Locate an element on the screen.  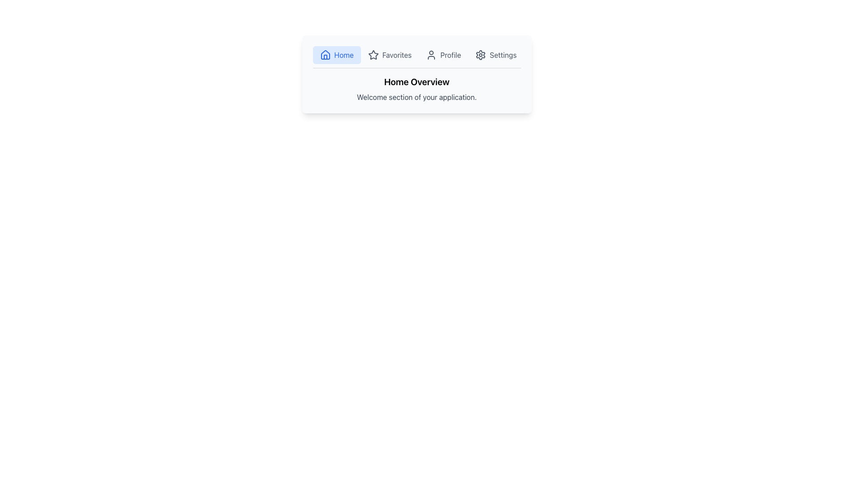
the star icon in the navigation menu, which is used to mark items as favorites or important, located between the home icon and the profile icon is located at coordinates (373, 55).